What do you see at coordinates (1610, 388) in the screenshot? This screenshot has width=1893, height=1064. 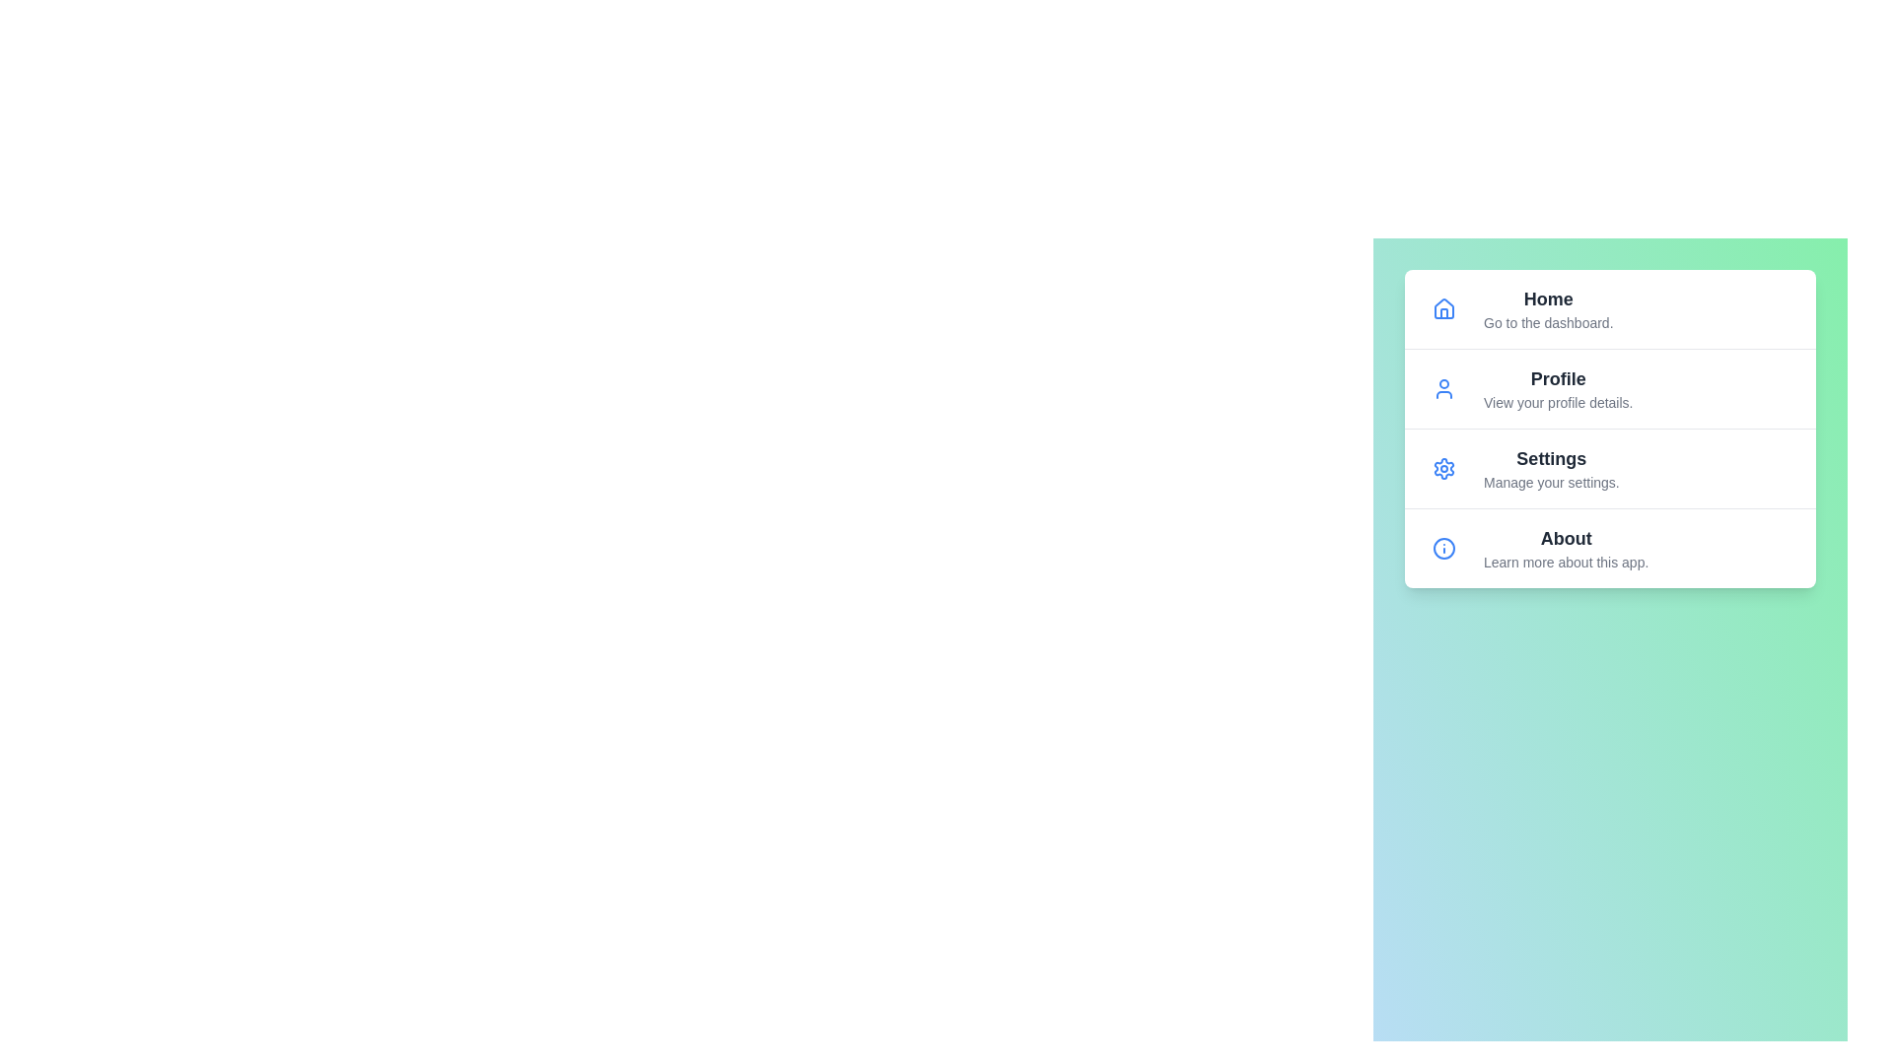 I see `the menu item labeled Profile to highlight it` at bounding box center [1610, 388].